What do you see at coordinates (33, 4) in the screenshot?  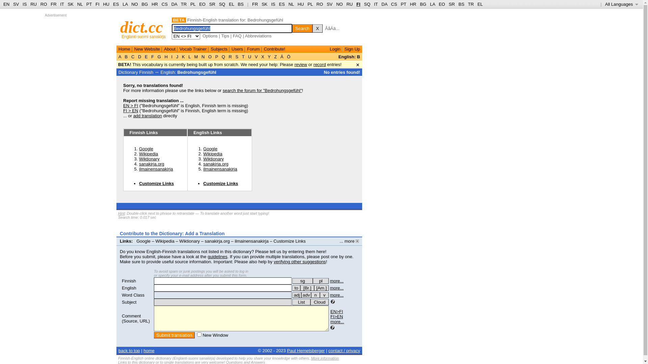 I see `'RU'` at bounding box center [33, 4].